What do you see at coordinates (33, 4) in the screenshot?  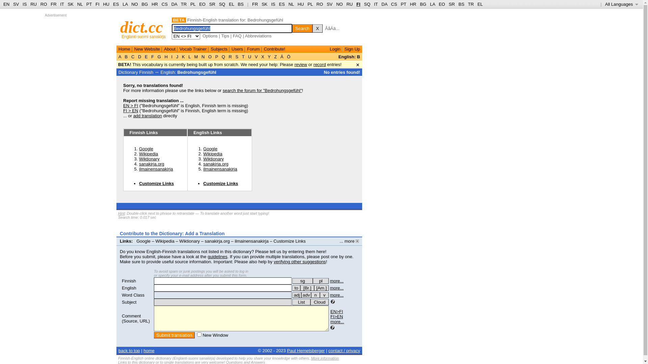 I see `'RU'` at bounding box center [33, 4].